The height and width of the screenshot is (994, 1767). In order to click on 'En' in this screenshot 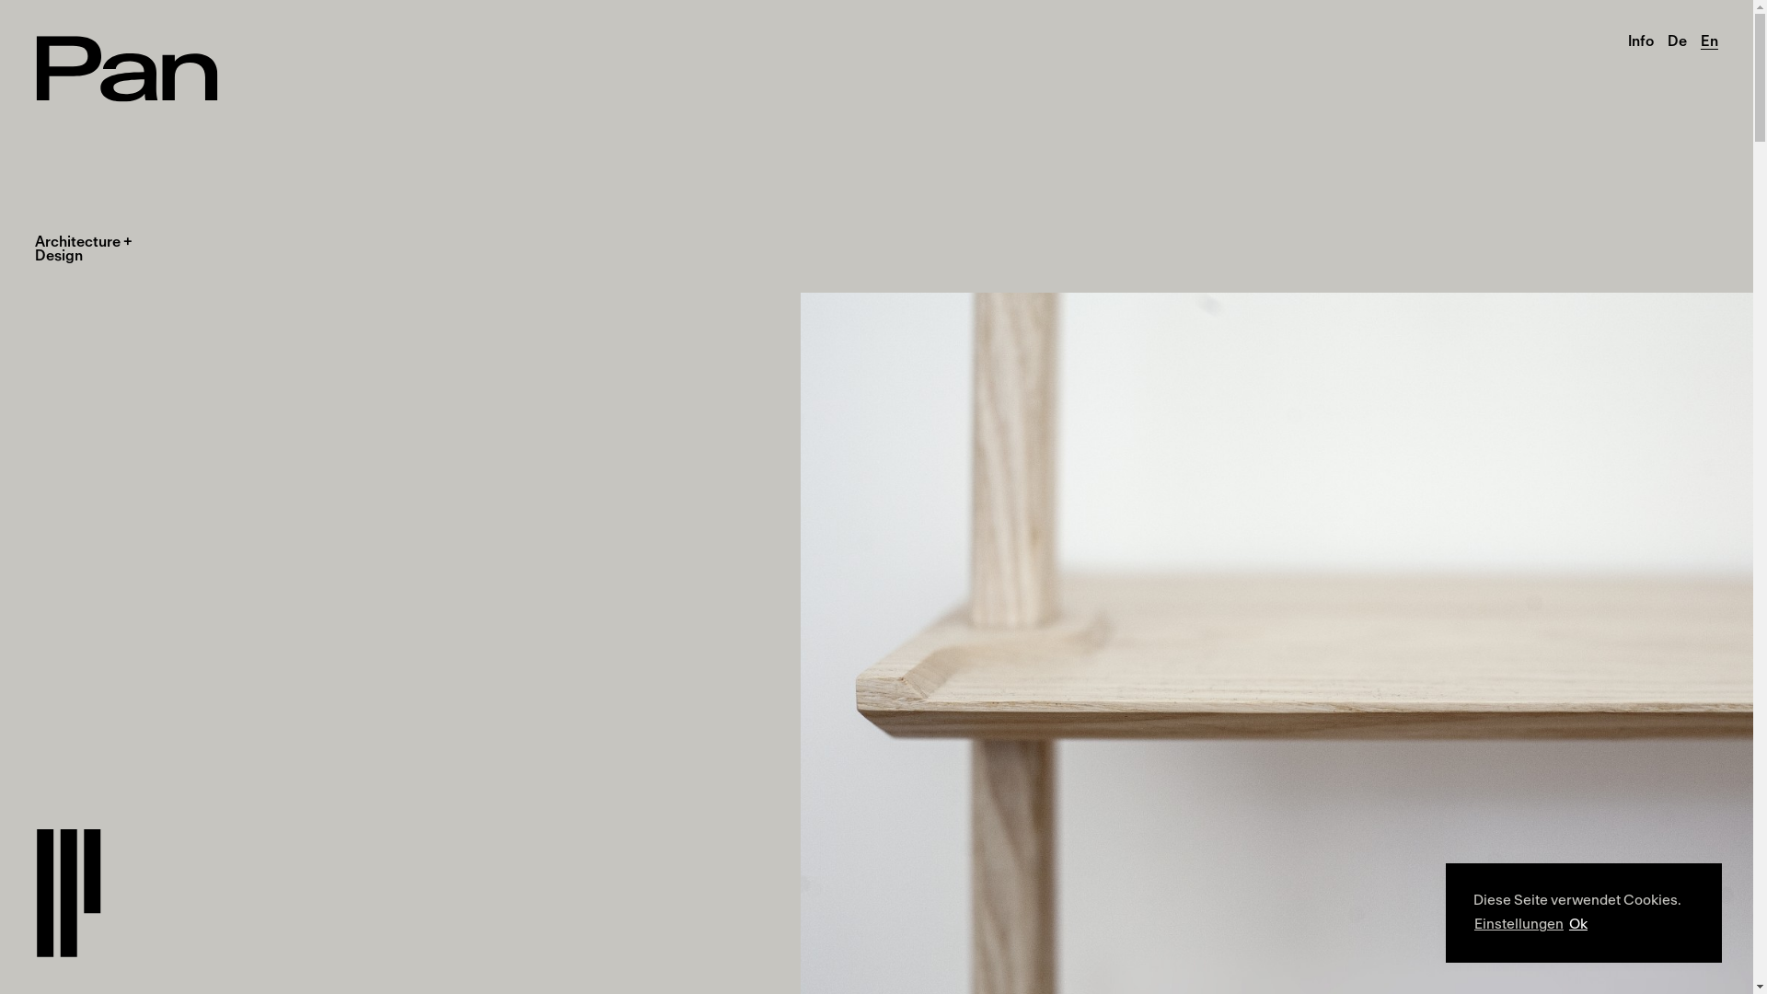, I will do `click(1708, 41)`.